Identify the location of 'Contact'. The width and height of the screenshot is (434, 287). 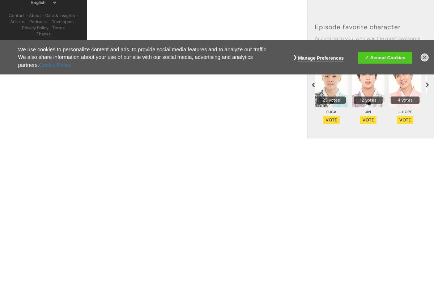
(9, 15).